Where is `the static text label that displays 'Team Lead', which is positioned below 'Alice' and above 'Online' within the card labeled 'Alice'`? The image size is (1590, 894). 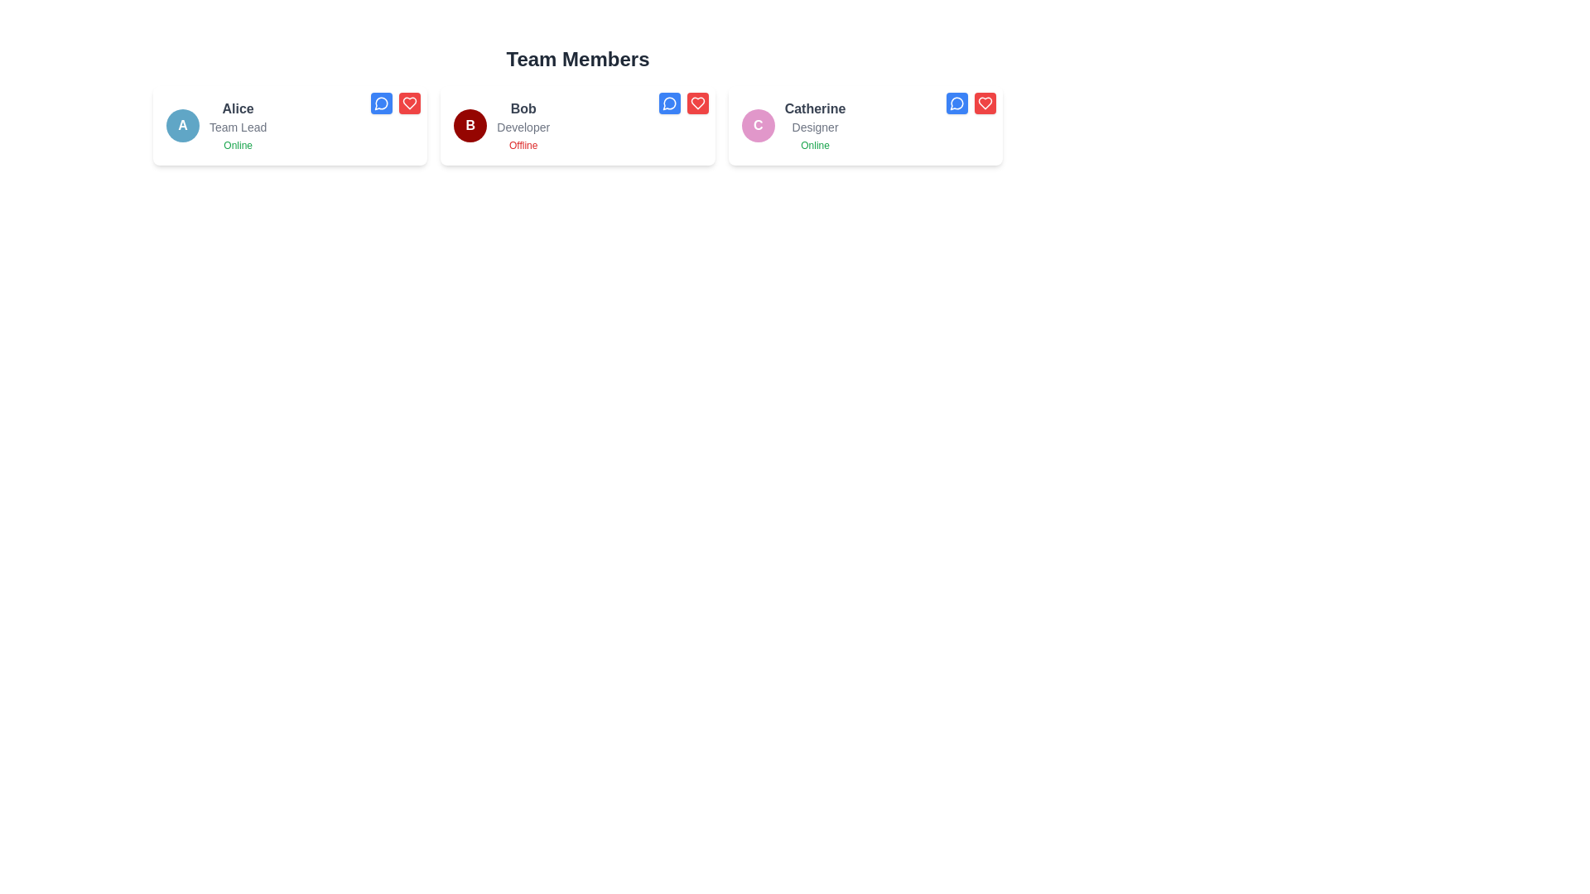
the static text label that displays 'Team Lead', which is positioned below 'Alice' and above 'Online' within the card labeled 'Alice' is located at coordinates (237, 127).